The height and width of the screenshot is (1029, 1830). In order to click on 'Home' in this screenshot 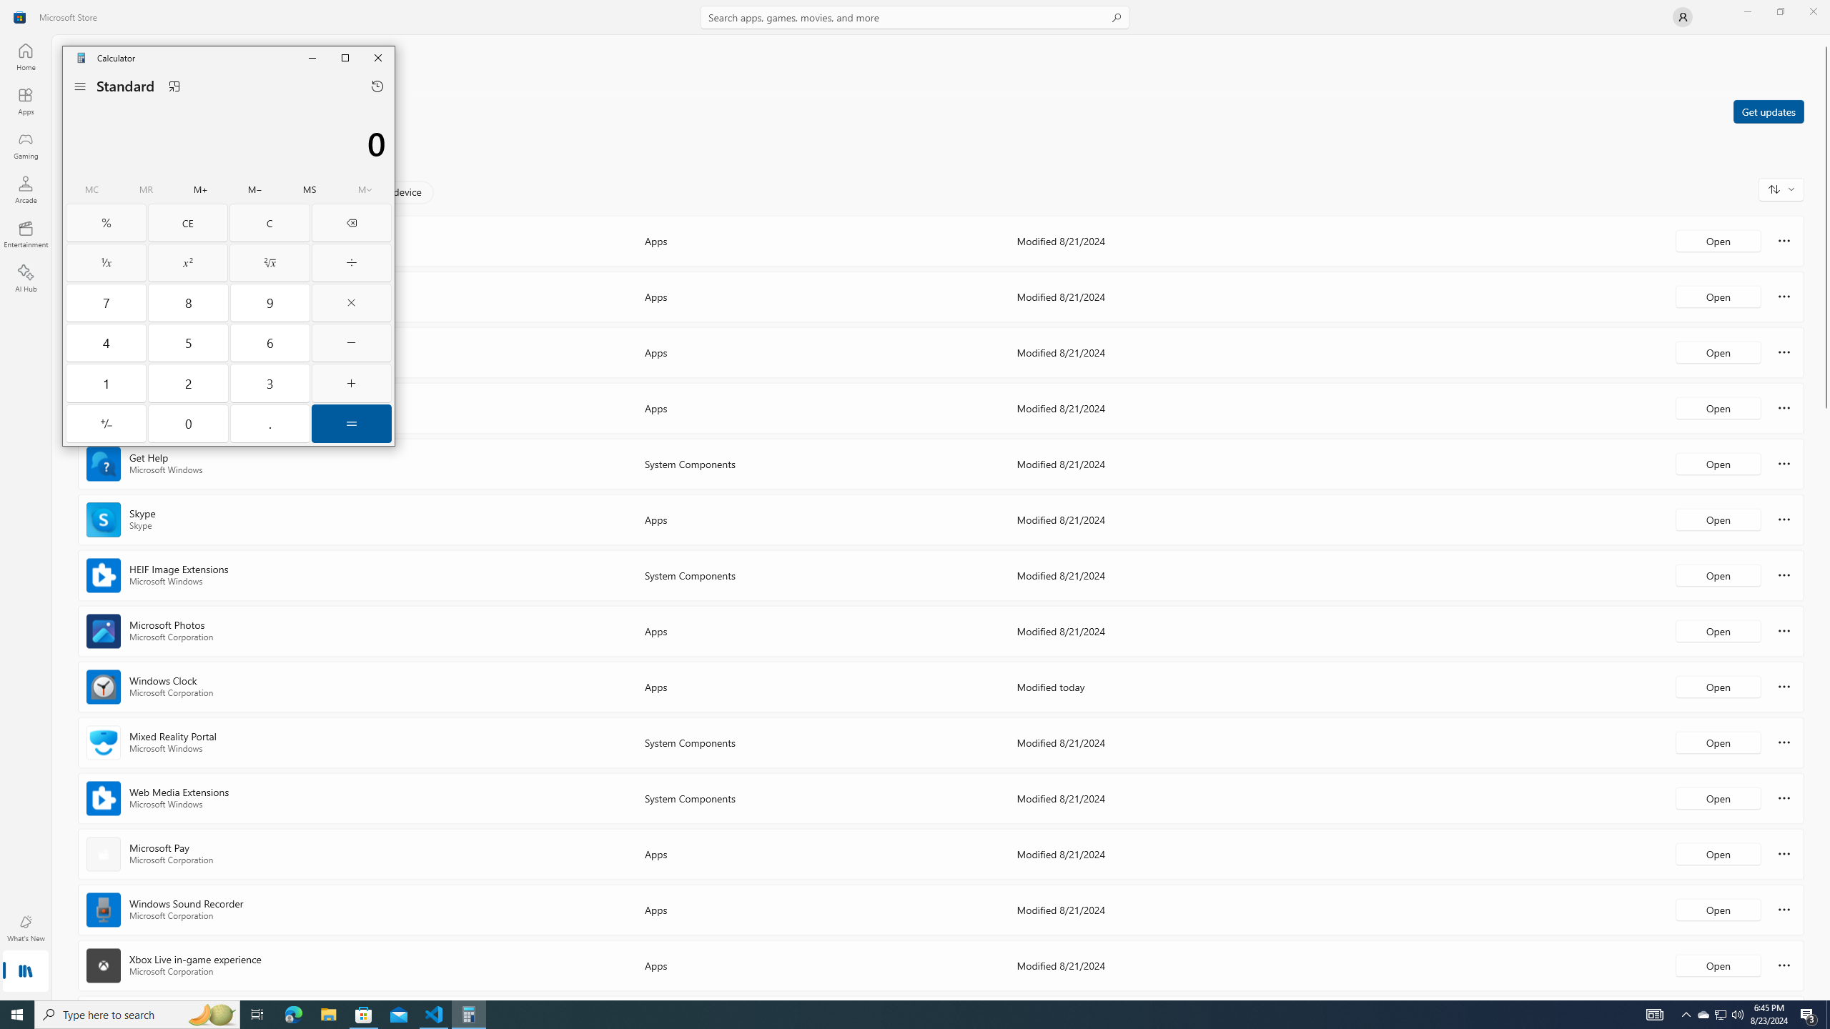, I will do `click(24, 56)`.